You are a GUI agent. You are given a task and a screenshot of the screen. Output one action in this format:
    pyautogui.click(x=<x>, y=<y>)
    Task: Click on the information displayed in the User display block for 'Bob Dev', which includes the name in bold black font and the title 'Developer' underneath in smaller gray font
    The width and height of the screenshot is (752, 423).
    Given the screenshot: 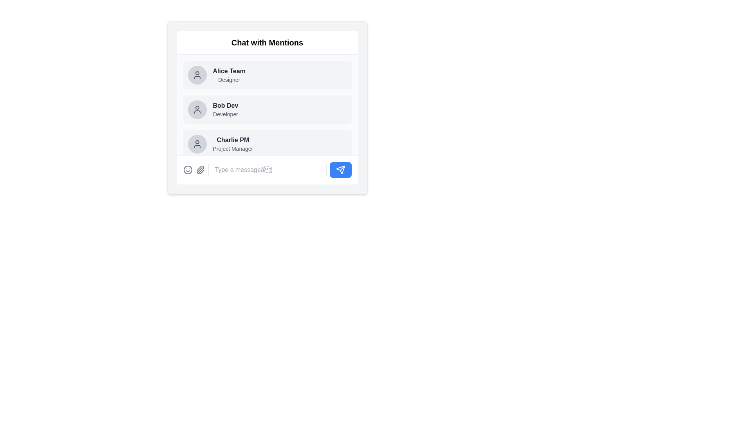 What is the action you would take?
    pyautogui.click(x=225, y=110)
    